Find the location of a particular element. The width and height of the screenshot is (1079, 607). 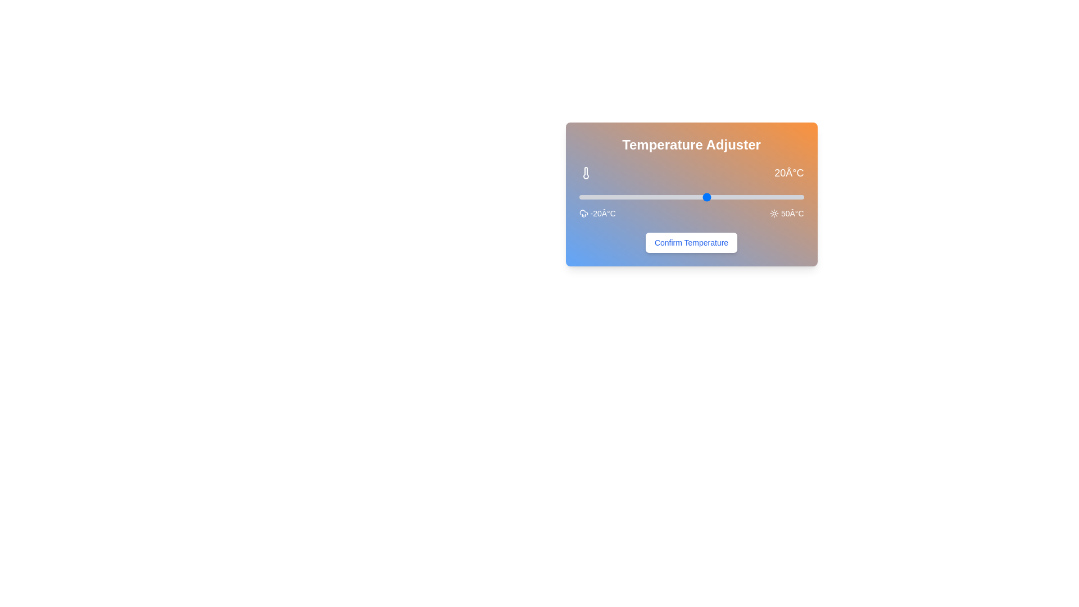

the temperature slider to 11°C is located at coordinates (678, 197).